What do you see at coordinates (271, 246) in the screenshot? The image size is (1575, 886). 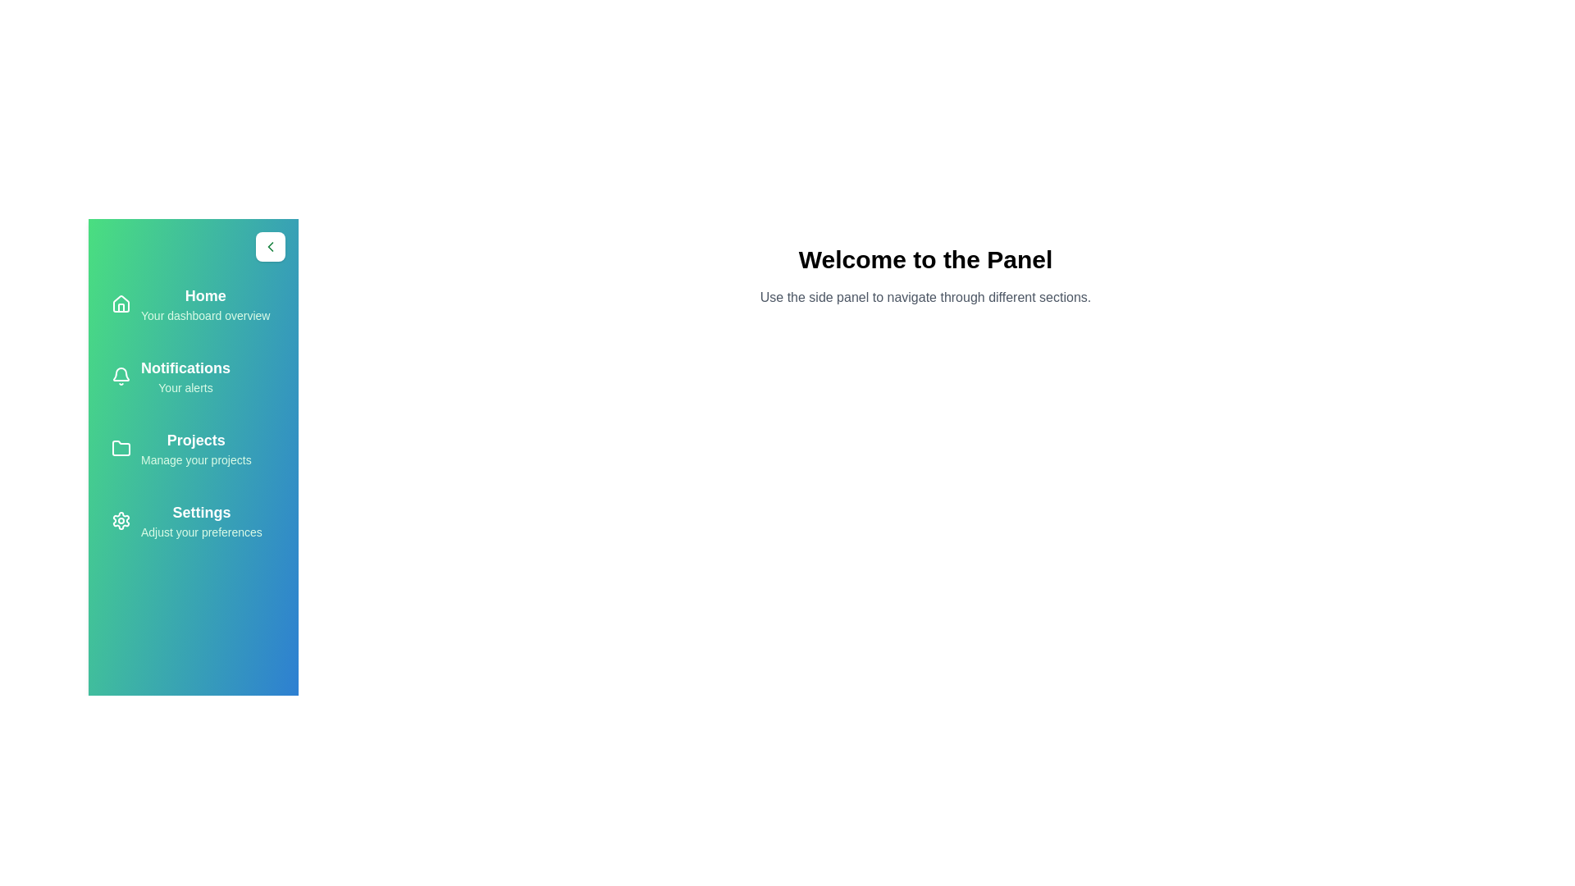 I see `the arrow button to toggle the panel's state` at bounding box center [271, 246].